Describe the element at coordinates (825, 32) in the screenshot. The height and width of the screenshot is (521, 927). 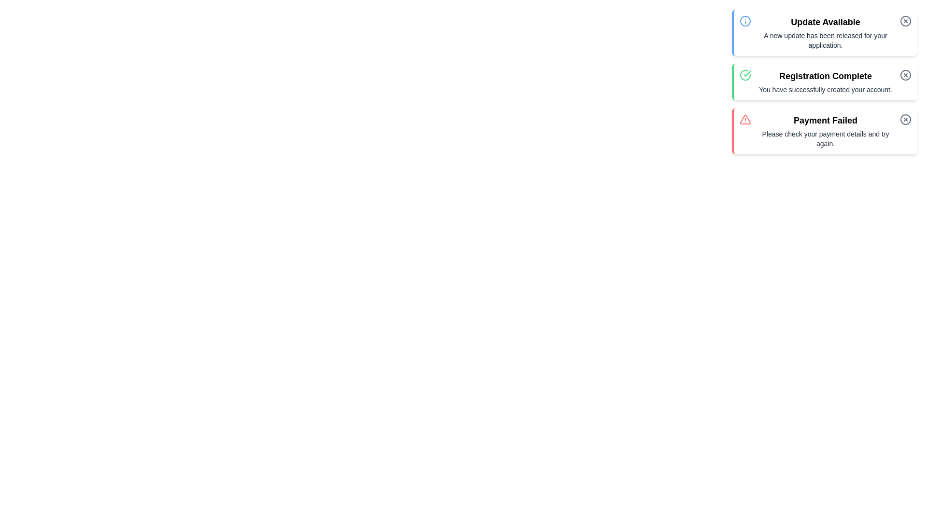
I see `notification that says 'Update Available' with additional information about a new application update, which is styled prominently in a notification card at the top of the stack` at that location.